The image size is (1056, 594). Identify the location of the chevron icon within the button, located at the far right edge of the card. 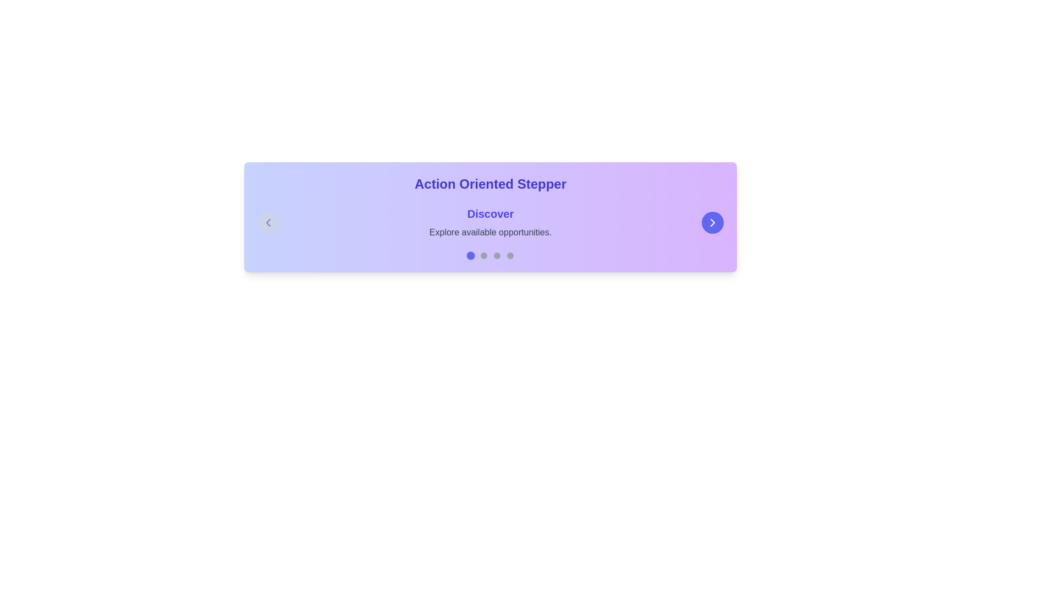
(713, 223).